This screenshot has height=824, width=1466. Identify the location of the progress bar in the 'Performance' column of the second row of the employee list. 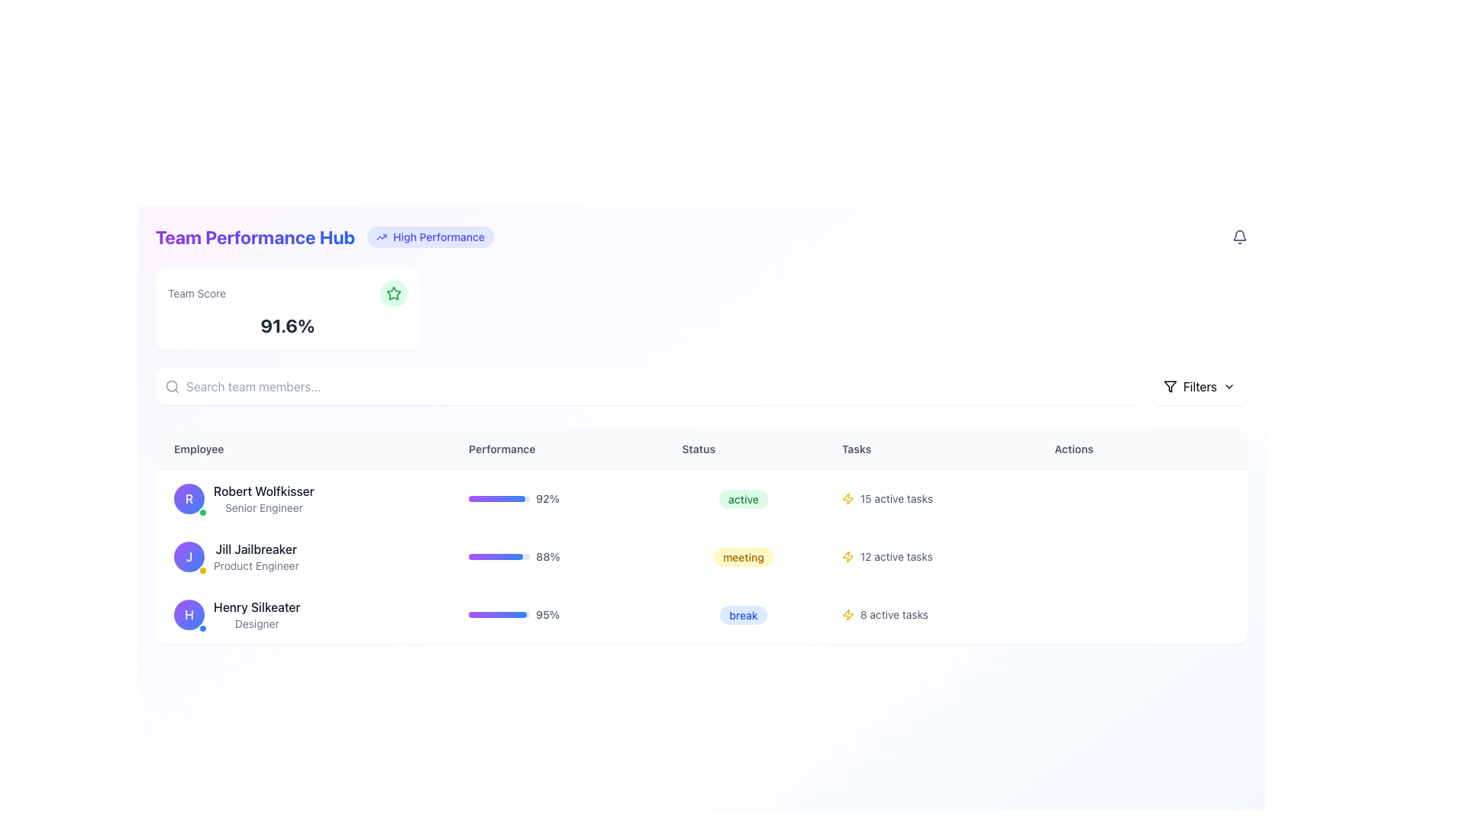
(499, 556).